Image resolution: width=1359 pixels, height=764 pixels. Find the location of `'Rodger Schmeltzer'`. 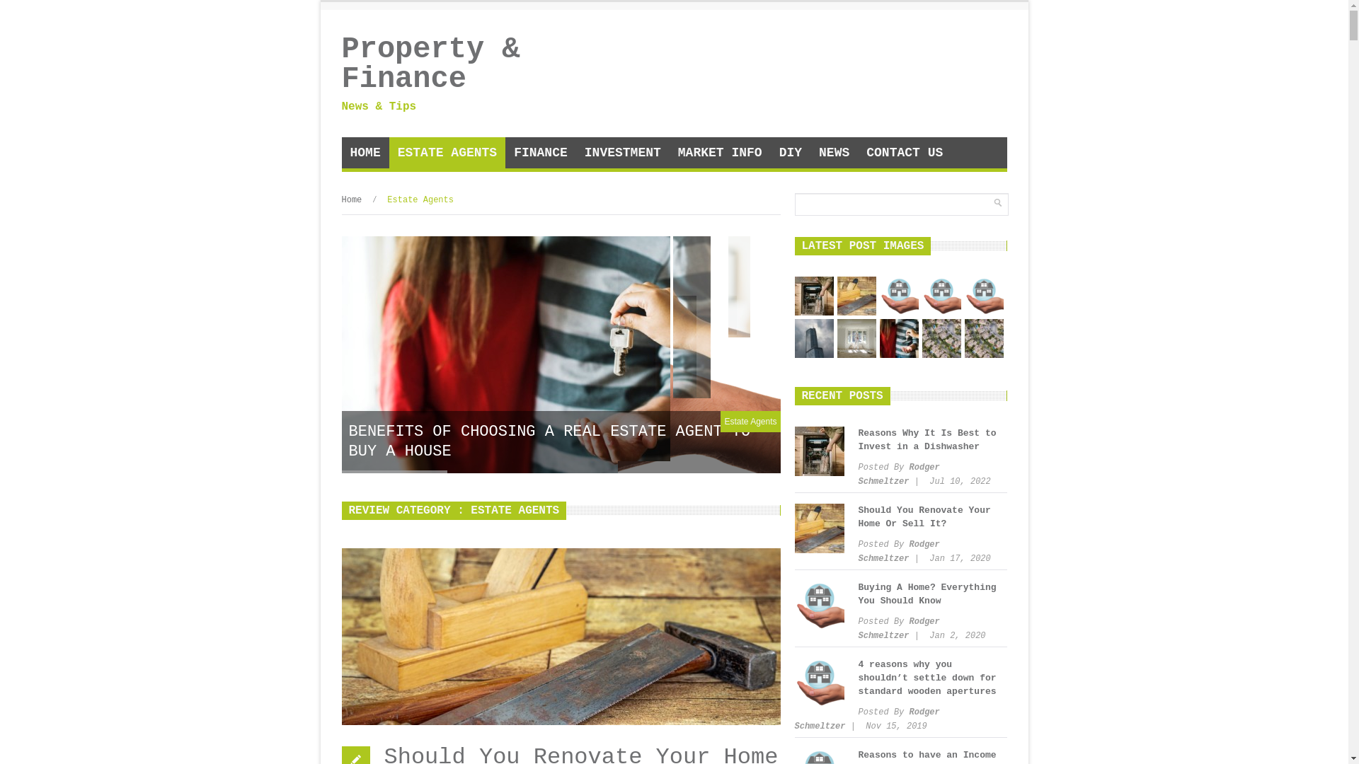

'Rodger Schmeltzer' is located at coordinates (898, 475).